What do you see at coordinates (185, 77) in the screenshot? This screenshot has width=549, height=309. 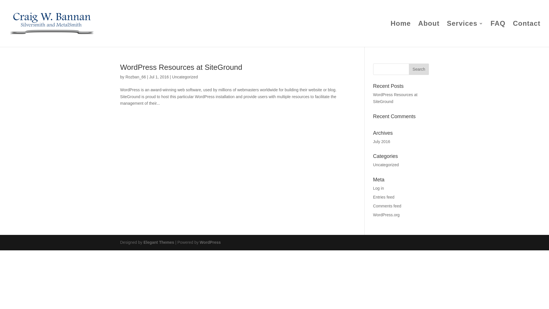 I see `'Uncategorized'` at bounding box center [185, 77].